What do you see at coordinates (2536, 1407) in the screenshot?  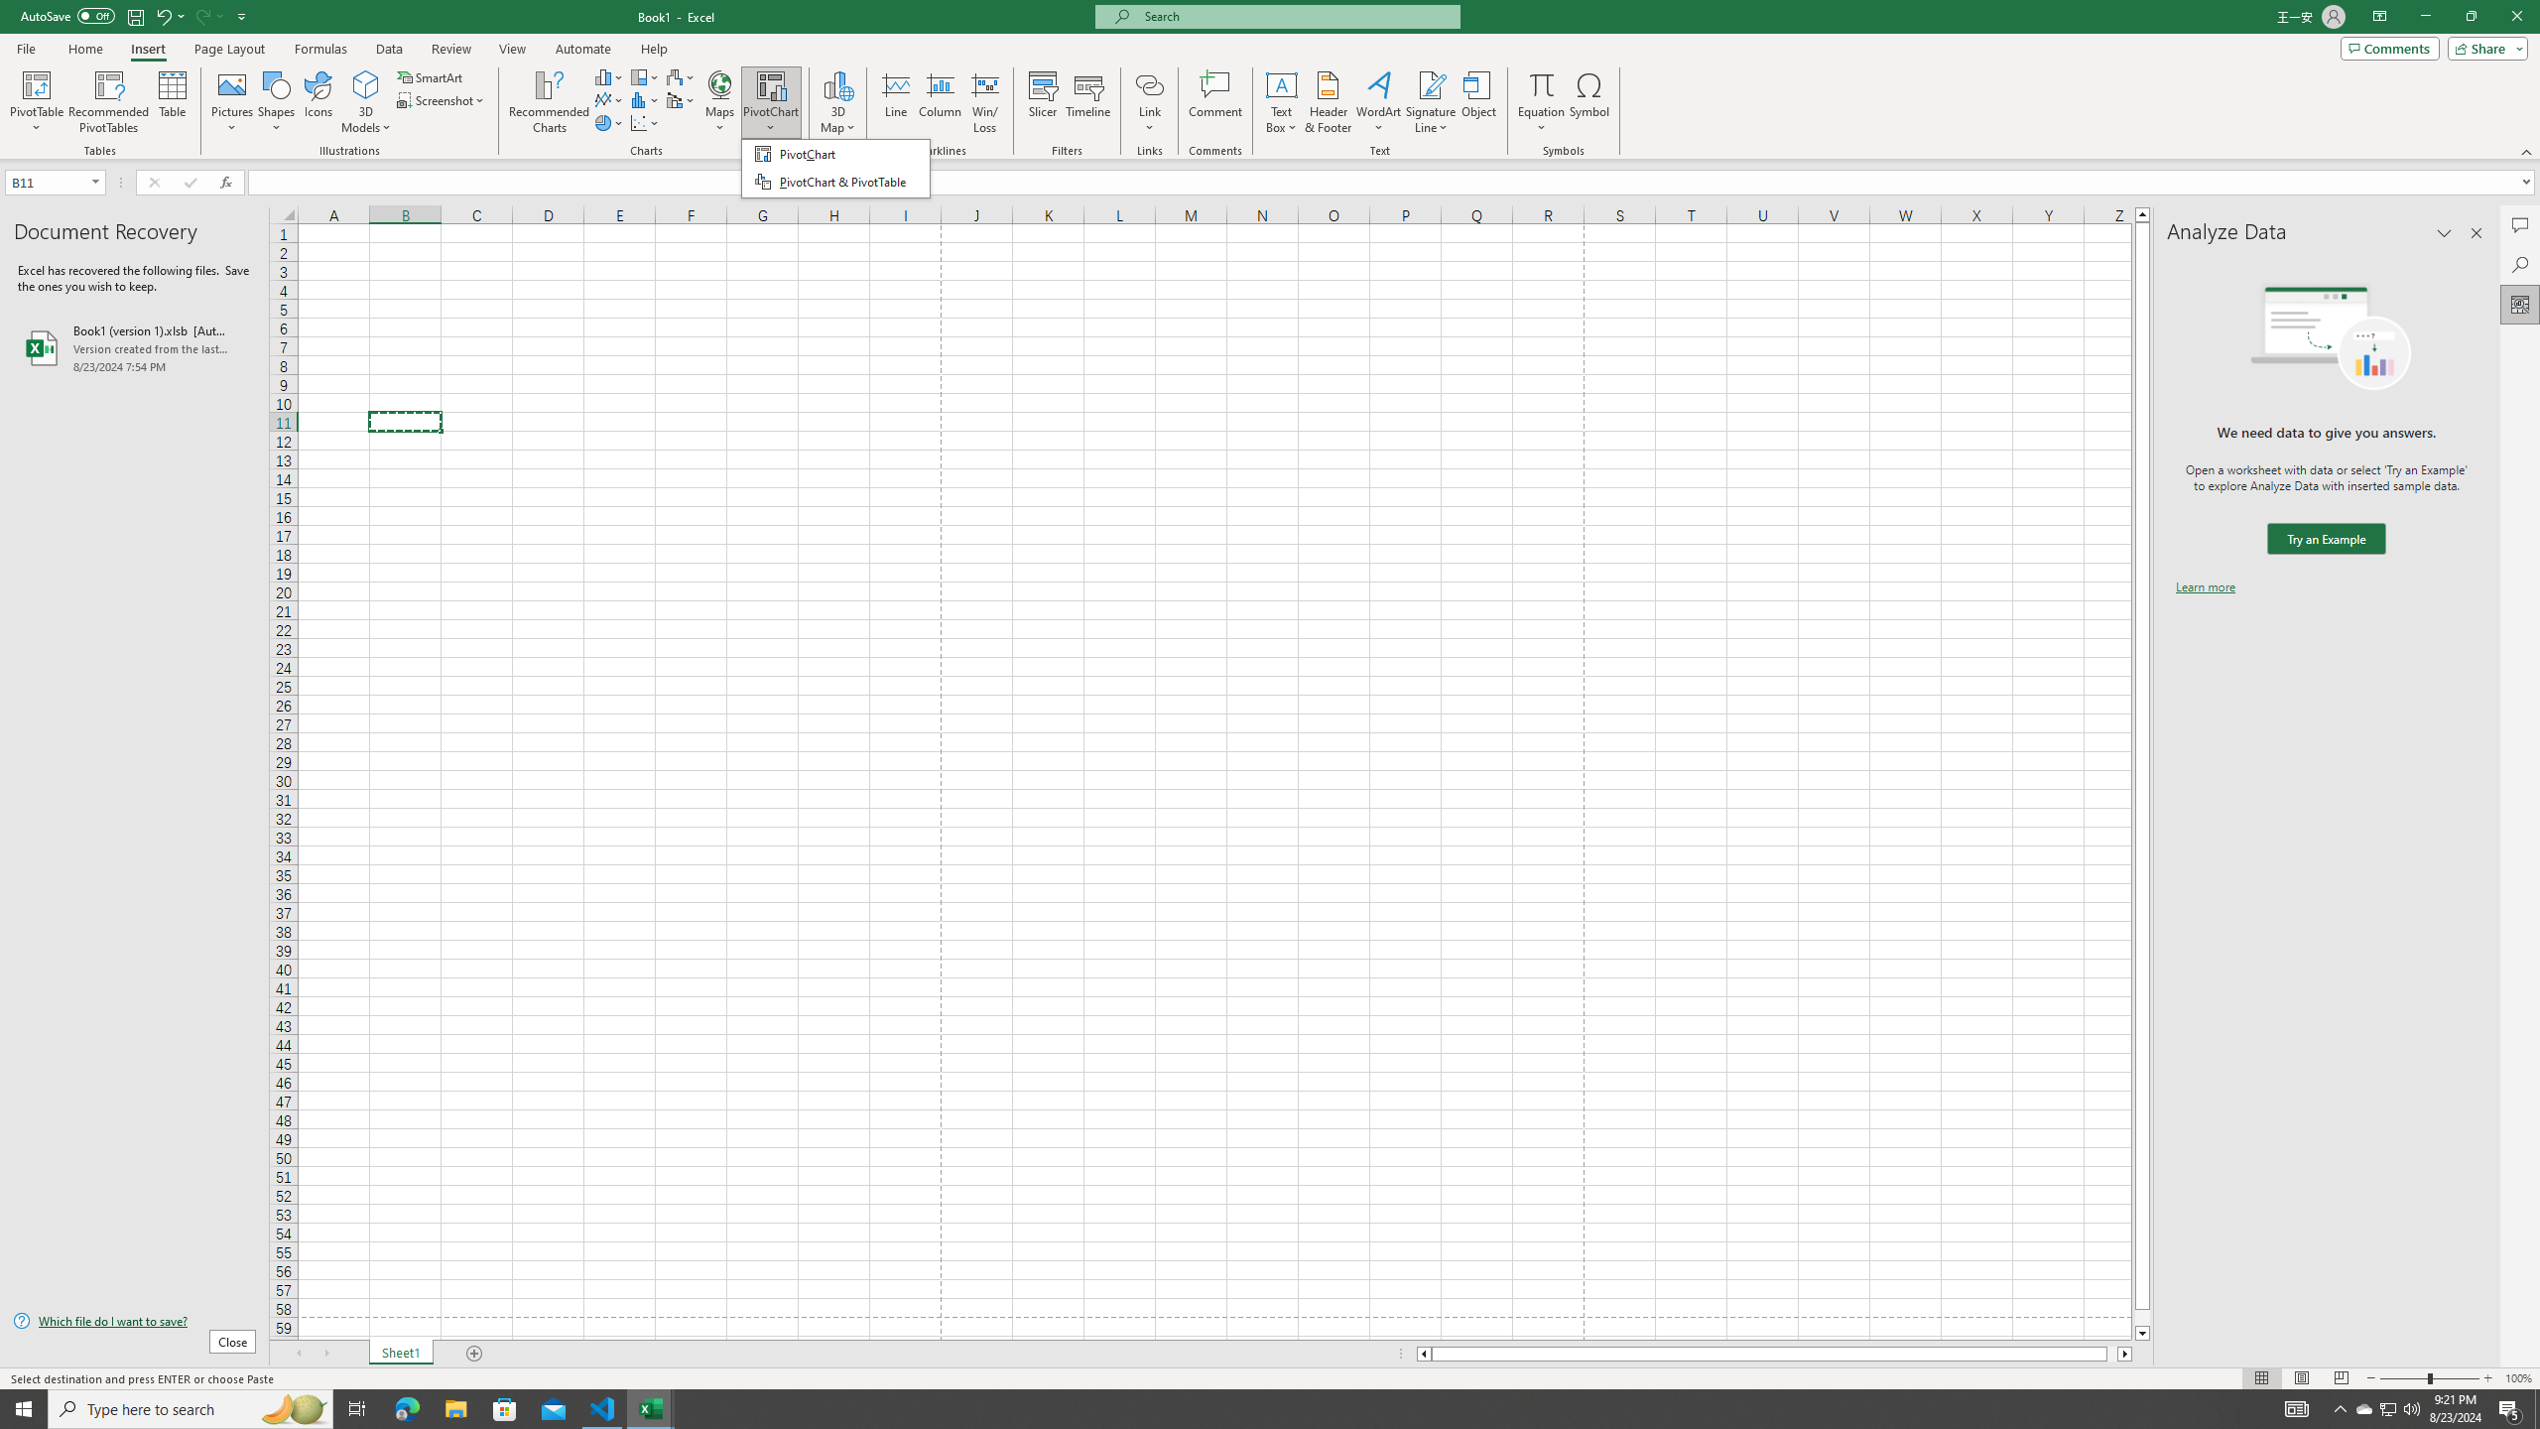 I see `'Show desktop'` at bounding box center [2536, 1407].